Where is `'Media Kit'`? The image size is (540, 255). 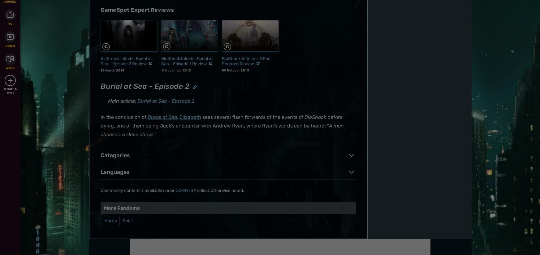 'Media Kit' is located at coordinates (292, 70).